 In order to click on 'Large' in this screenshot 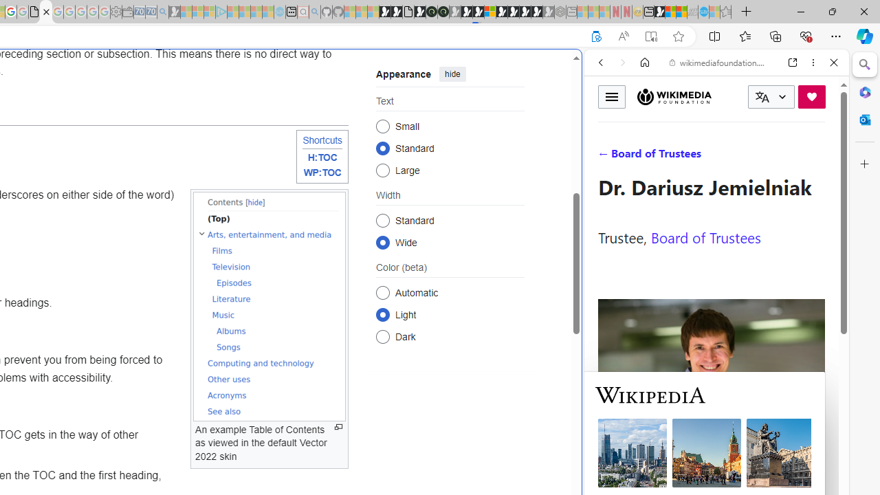, I will do `click(382, 169)`.